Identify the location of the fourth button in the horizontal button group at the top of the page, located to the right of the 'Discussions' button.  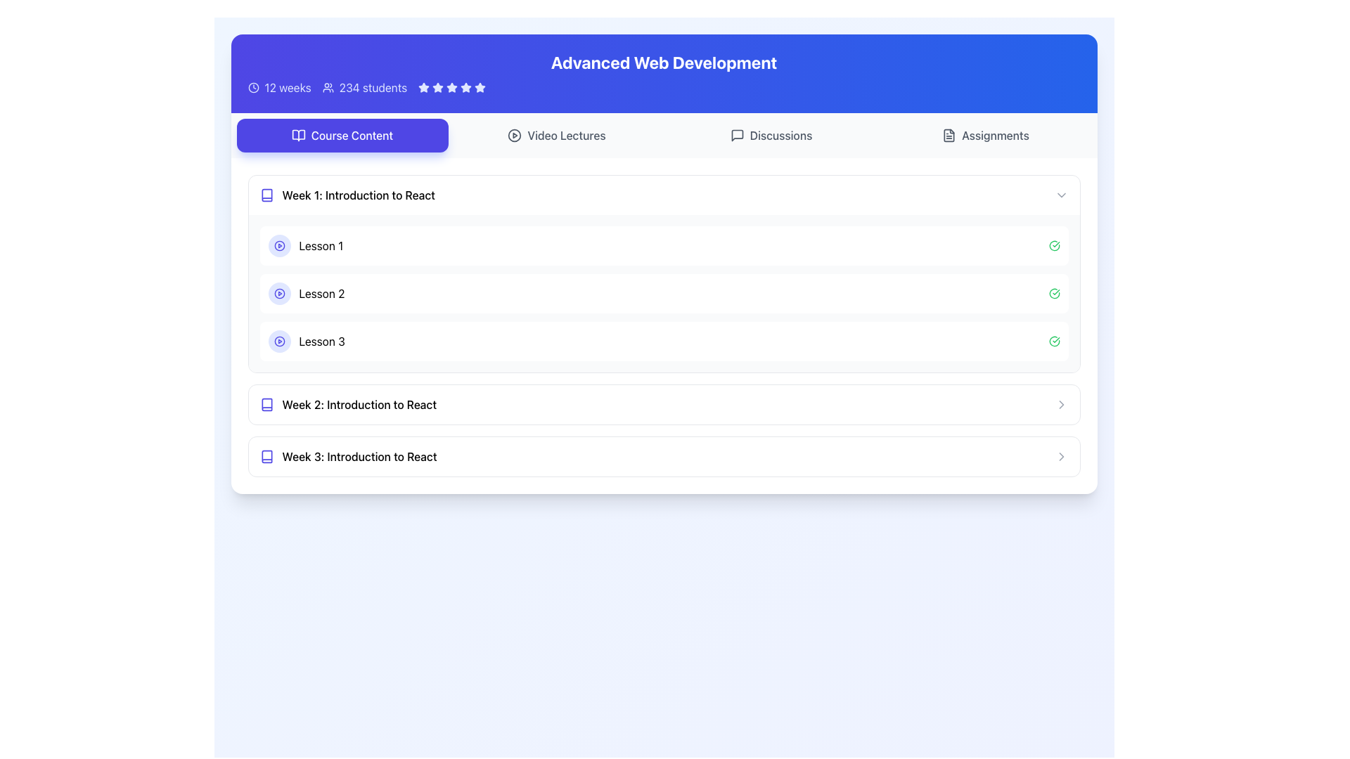
(984, 135).